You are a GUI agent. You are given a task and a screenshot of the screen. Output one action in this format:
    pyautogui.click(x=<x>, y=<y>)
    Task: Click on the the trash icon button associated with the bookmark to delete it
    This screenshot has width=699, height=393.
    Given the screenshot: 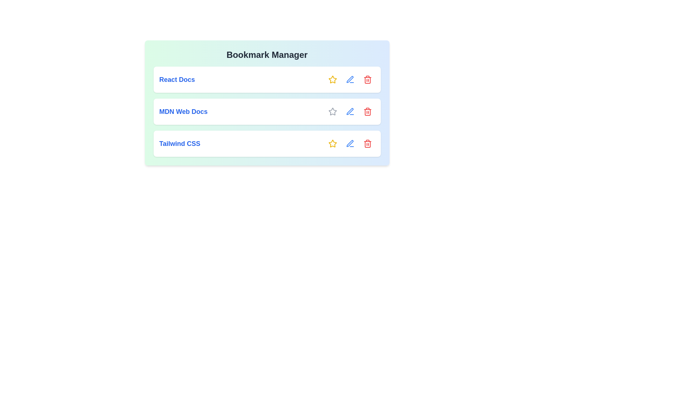 What is the action you would take?
    pyautogui.click(x=367, y=80)
    